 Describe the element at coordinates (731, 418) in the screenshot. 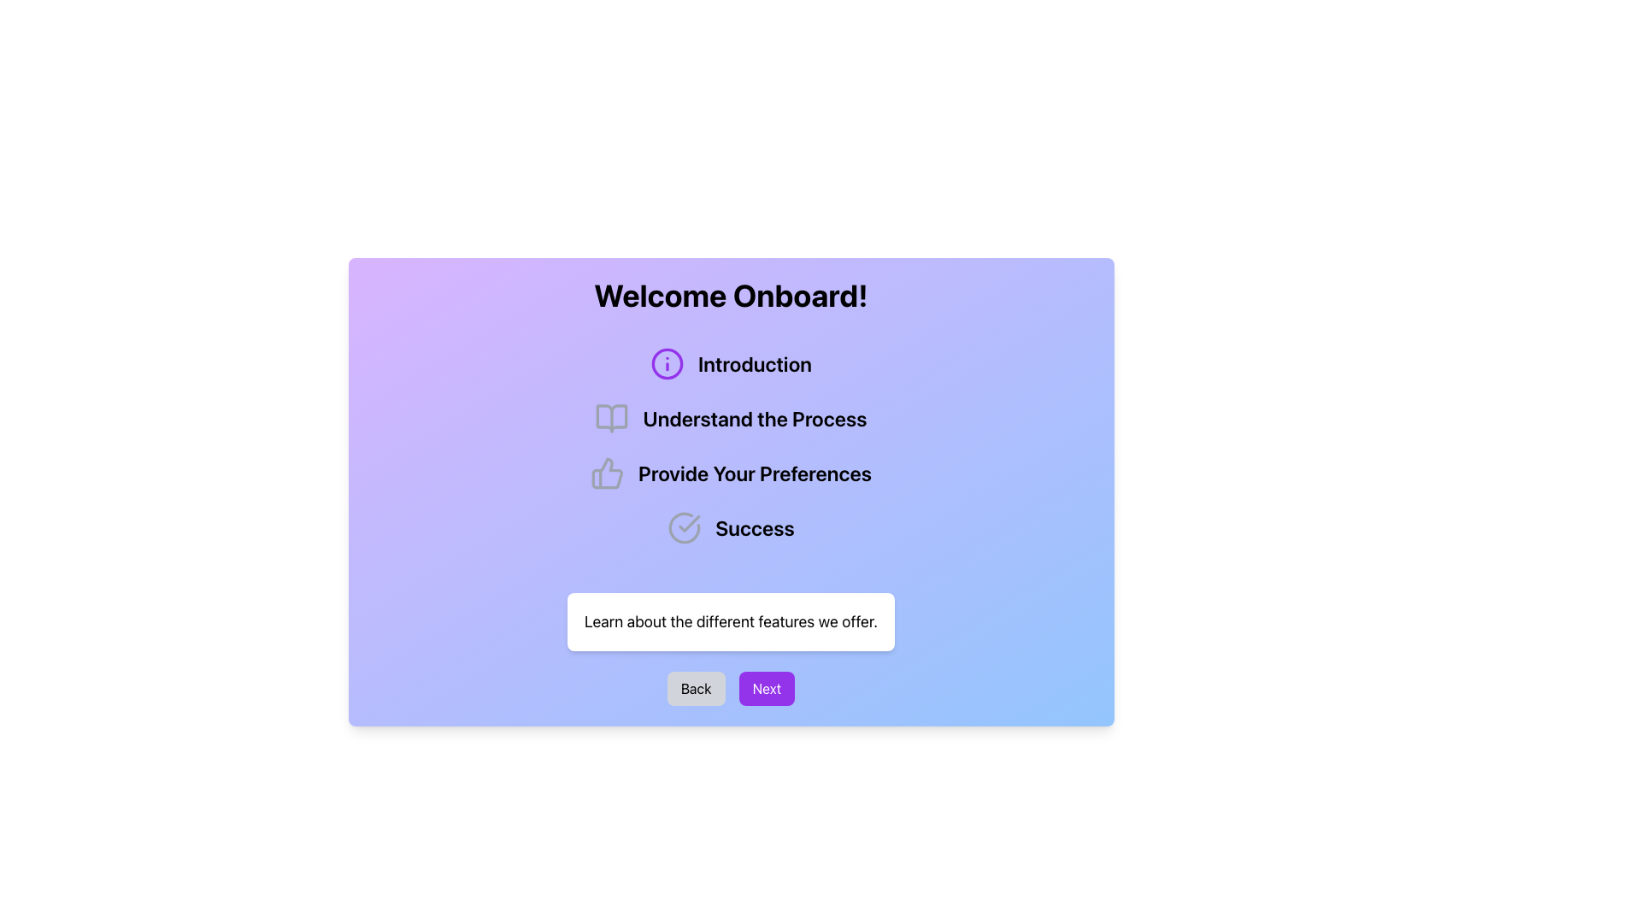

I see `the Labeled Section containing the 'Understand the Process' text and open book icon` at that location.